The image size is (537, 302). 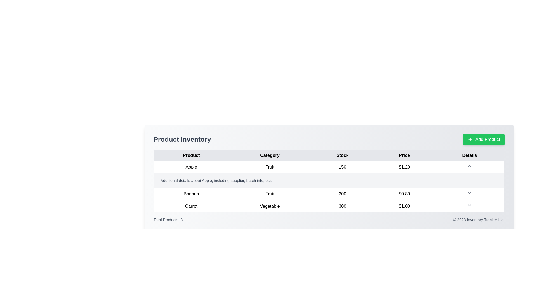 I want to click on the 'Vegetable' text label indicating the category of the product 'Carrot' in the product inventory table, so click(x=270, y=206).